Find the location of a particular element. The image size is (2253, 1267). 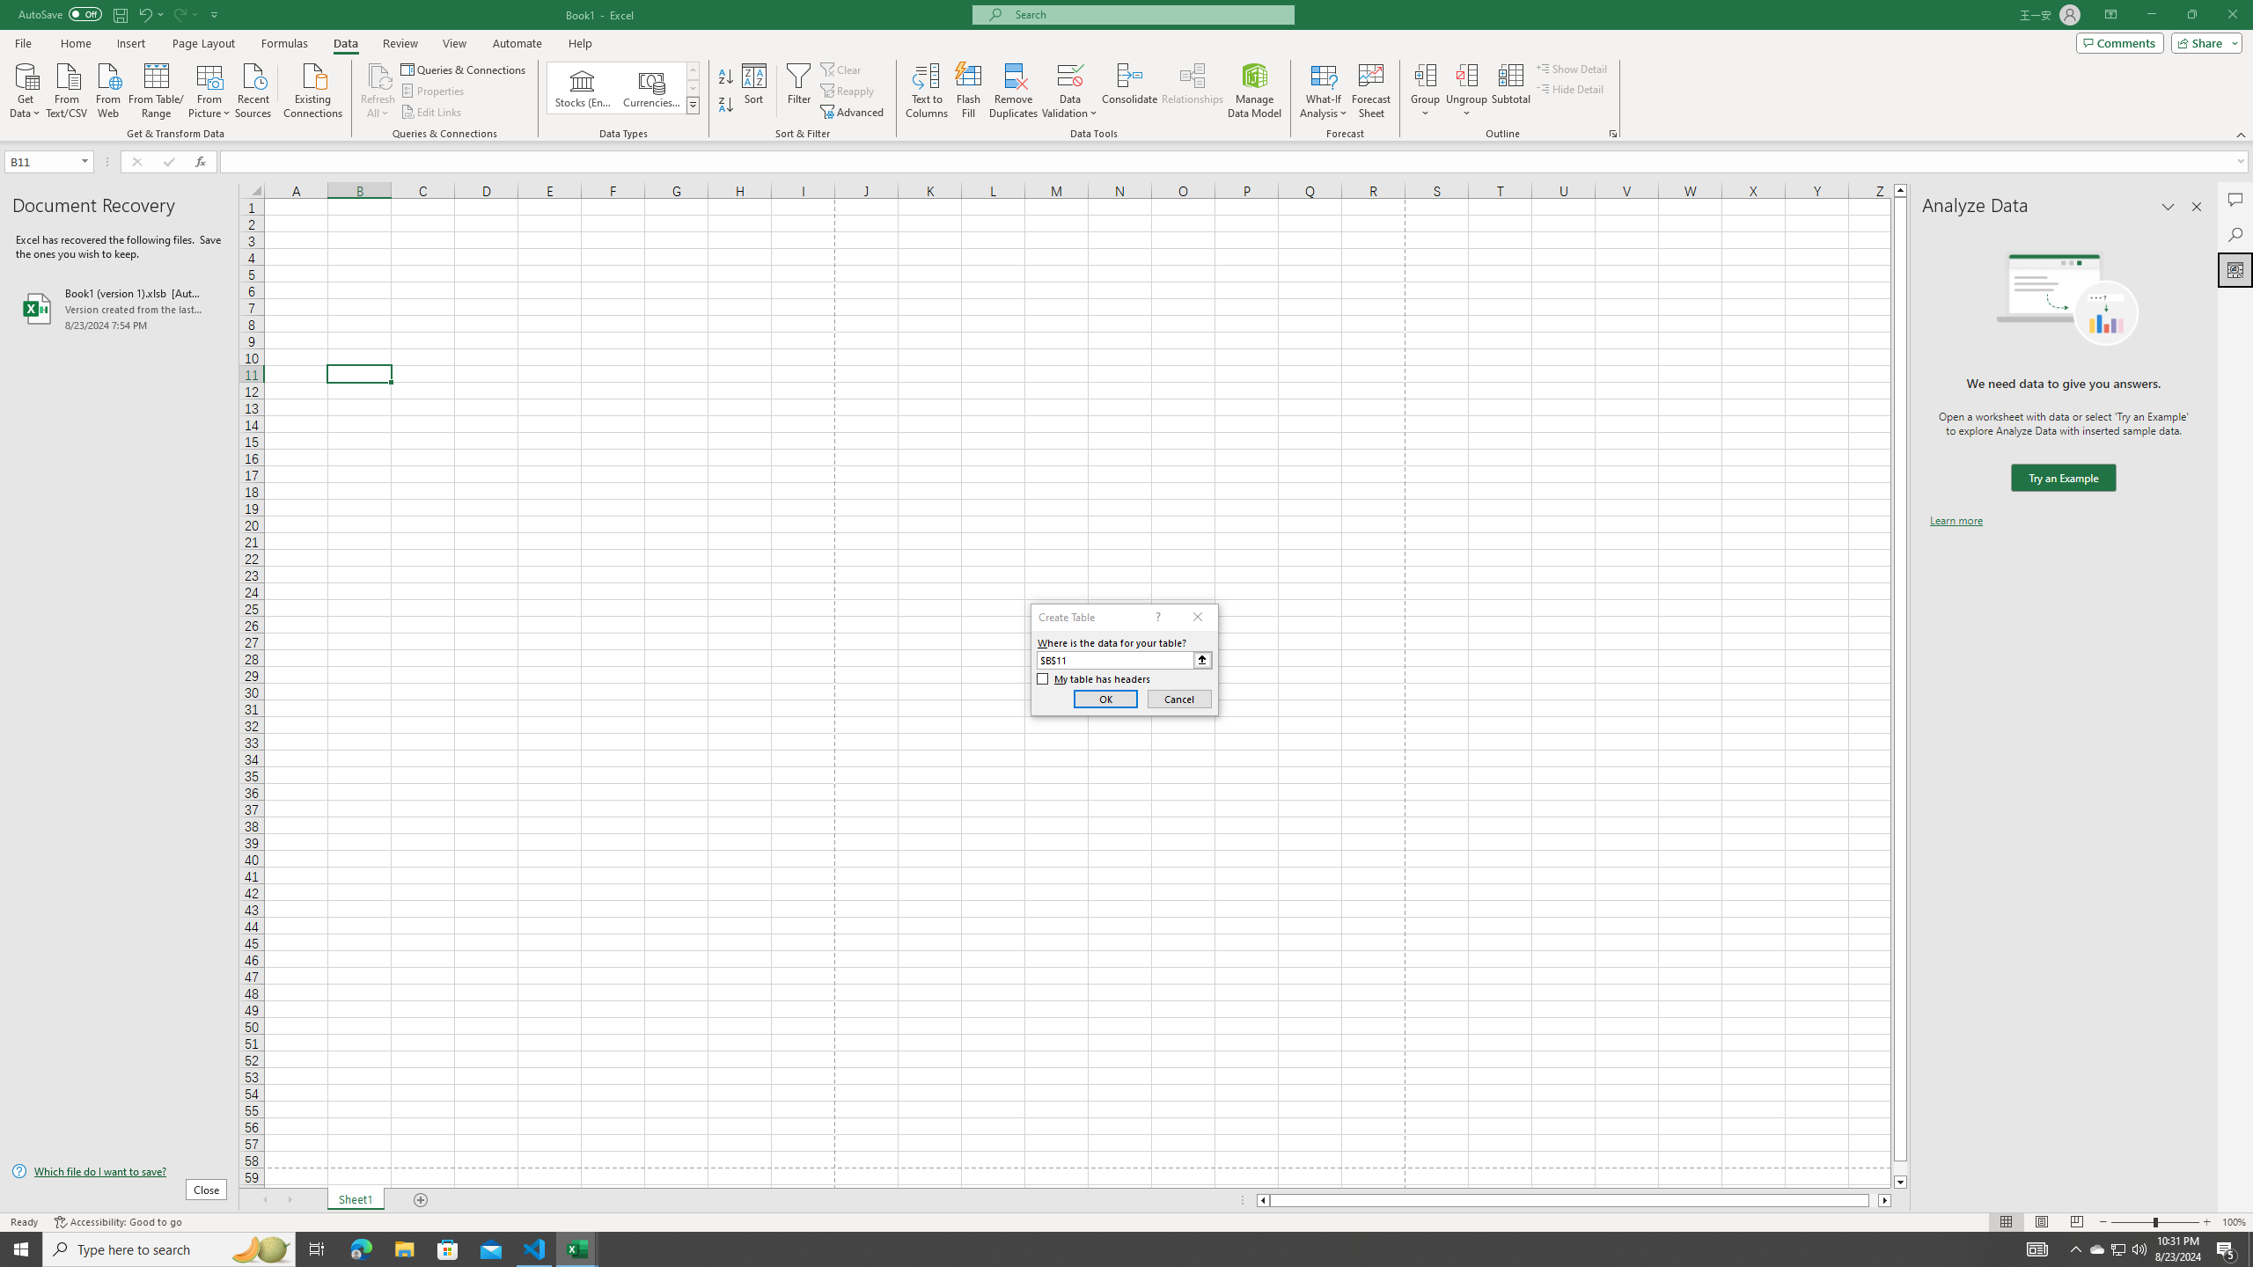

'Zoom Out' is located at coordinates (2132, 1222).